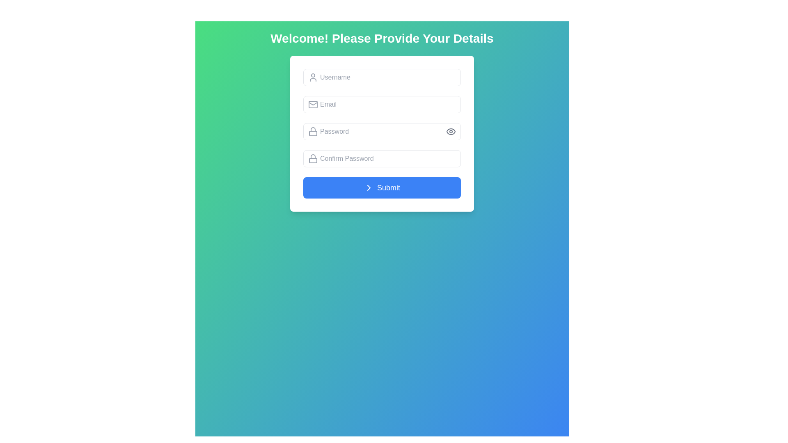  What do you see at coordinates (313, 131) in the screenshot?
I see `the lock icon, which is a gray graphical representation positioned to the left of the password input field, aligned vertically with the middle of the text input labeled 'Password'` at bounding box center [313, 131].